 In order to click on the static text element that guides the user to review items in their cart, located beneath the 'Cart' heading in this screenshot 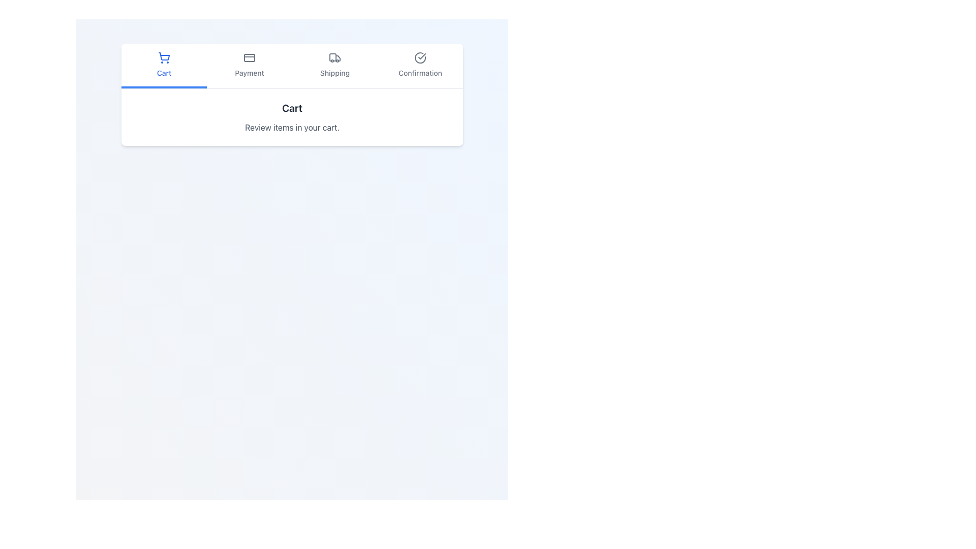, I will do `click(292, 127)`.